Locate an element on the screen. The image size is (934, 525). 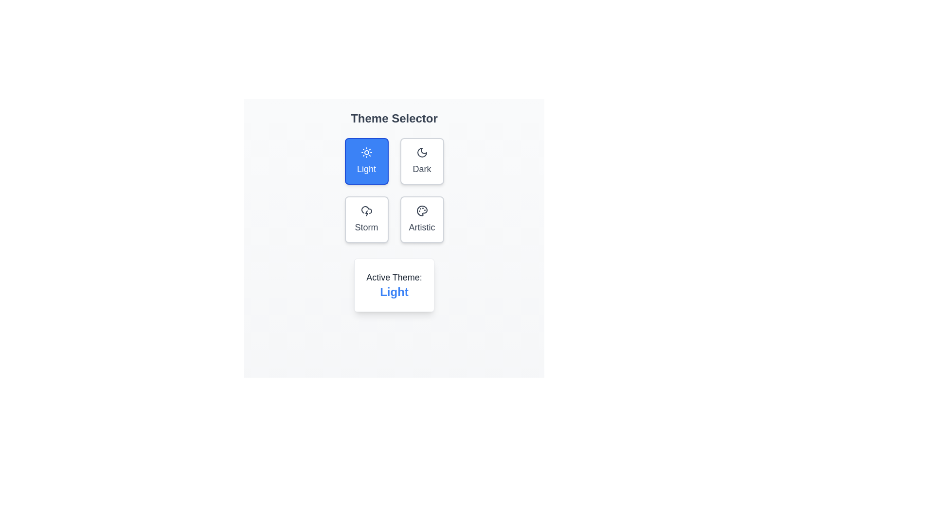
the button corresponding to the theme Dark is located at coordinates (422, 160).